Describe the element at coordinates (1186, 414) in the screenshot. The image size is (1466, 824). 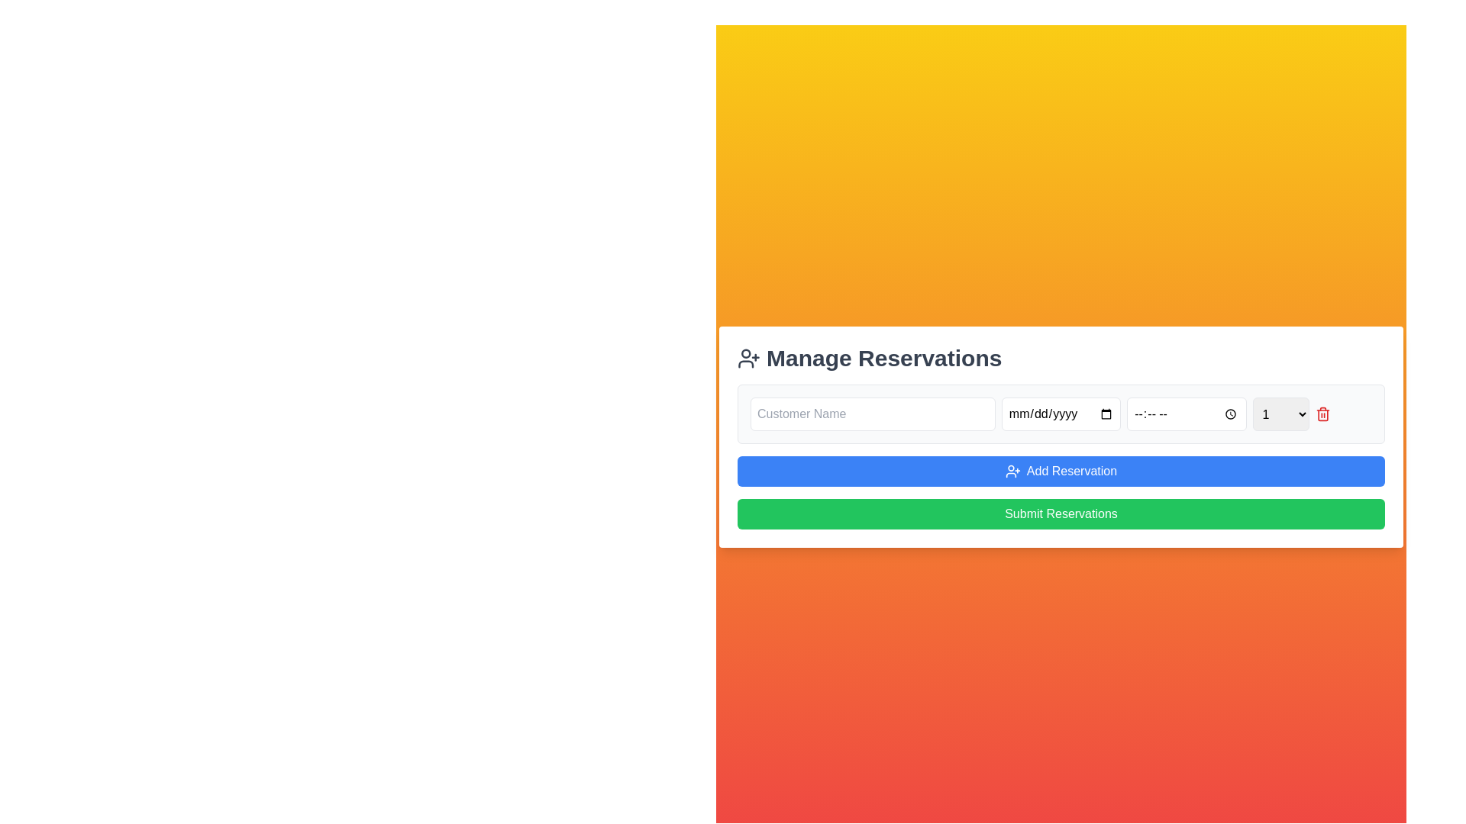
I see `a time using the time input field, which is a rectangular input with rounded corners located in the third position of the grid layout, to the right of the date input field` at that location.